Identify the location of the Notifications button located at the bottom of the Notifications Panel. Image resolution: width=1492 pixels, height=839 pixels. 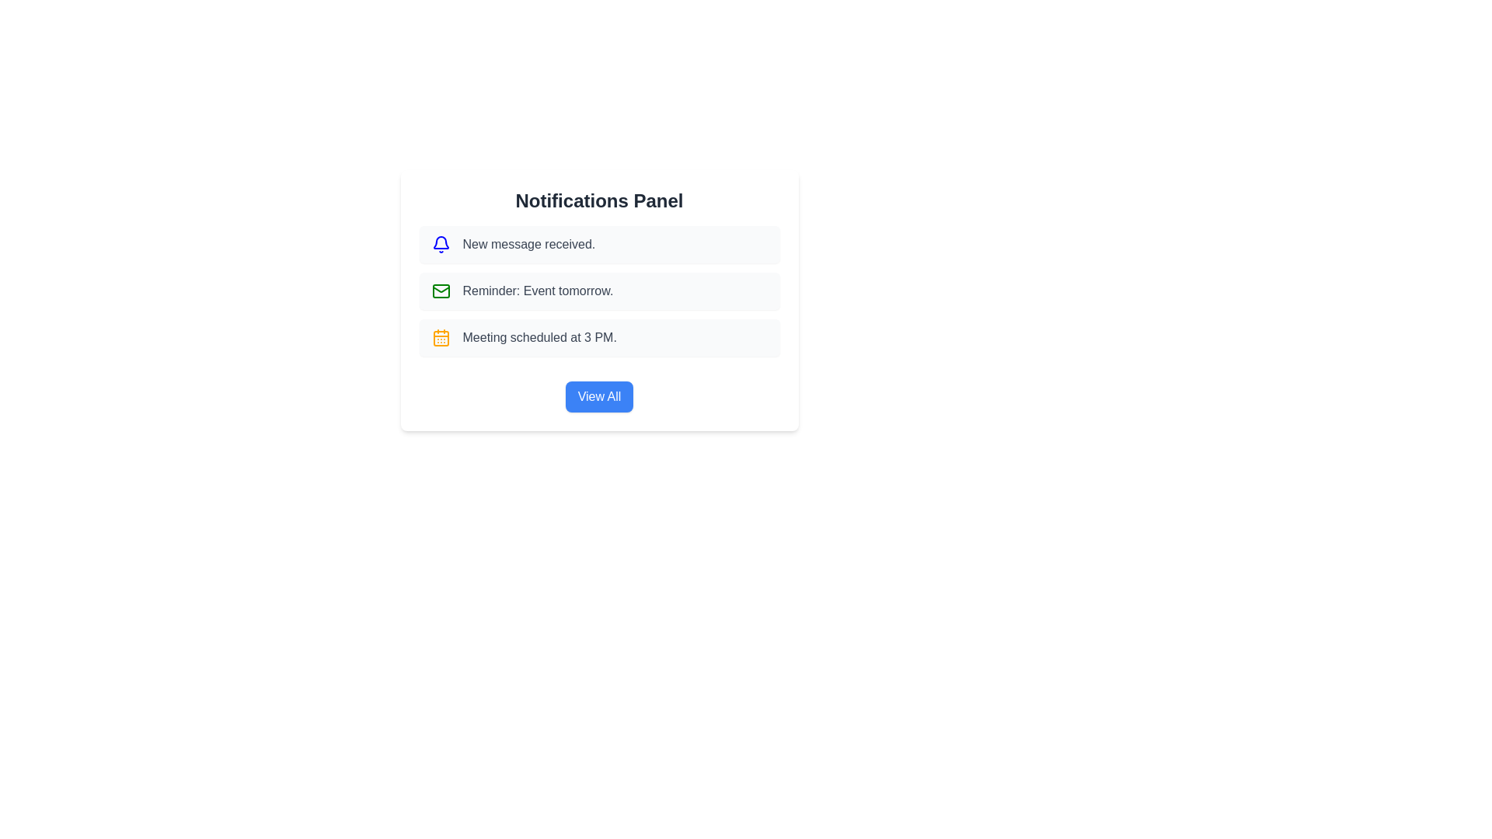
(598, 395).